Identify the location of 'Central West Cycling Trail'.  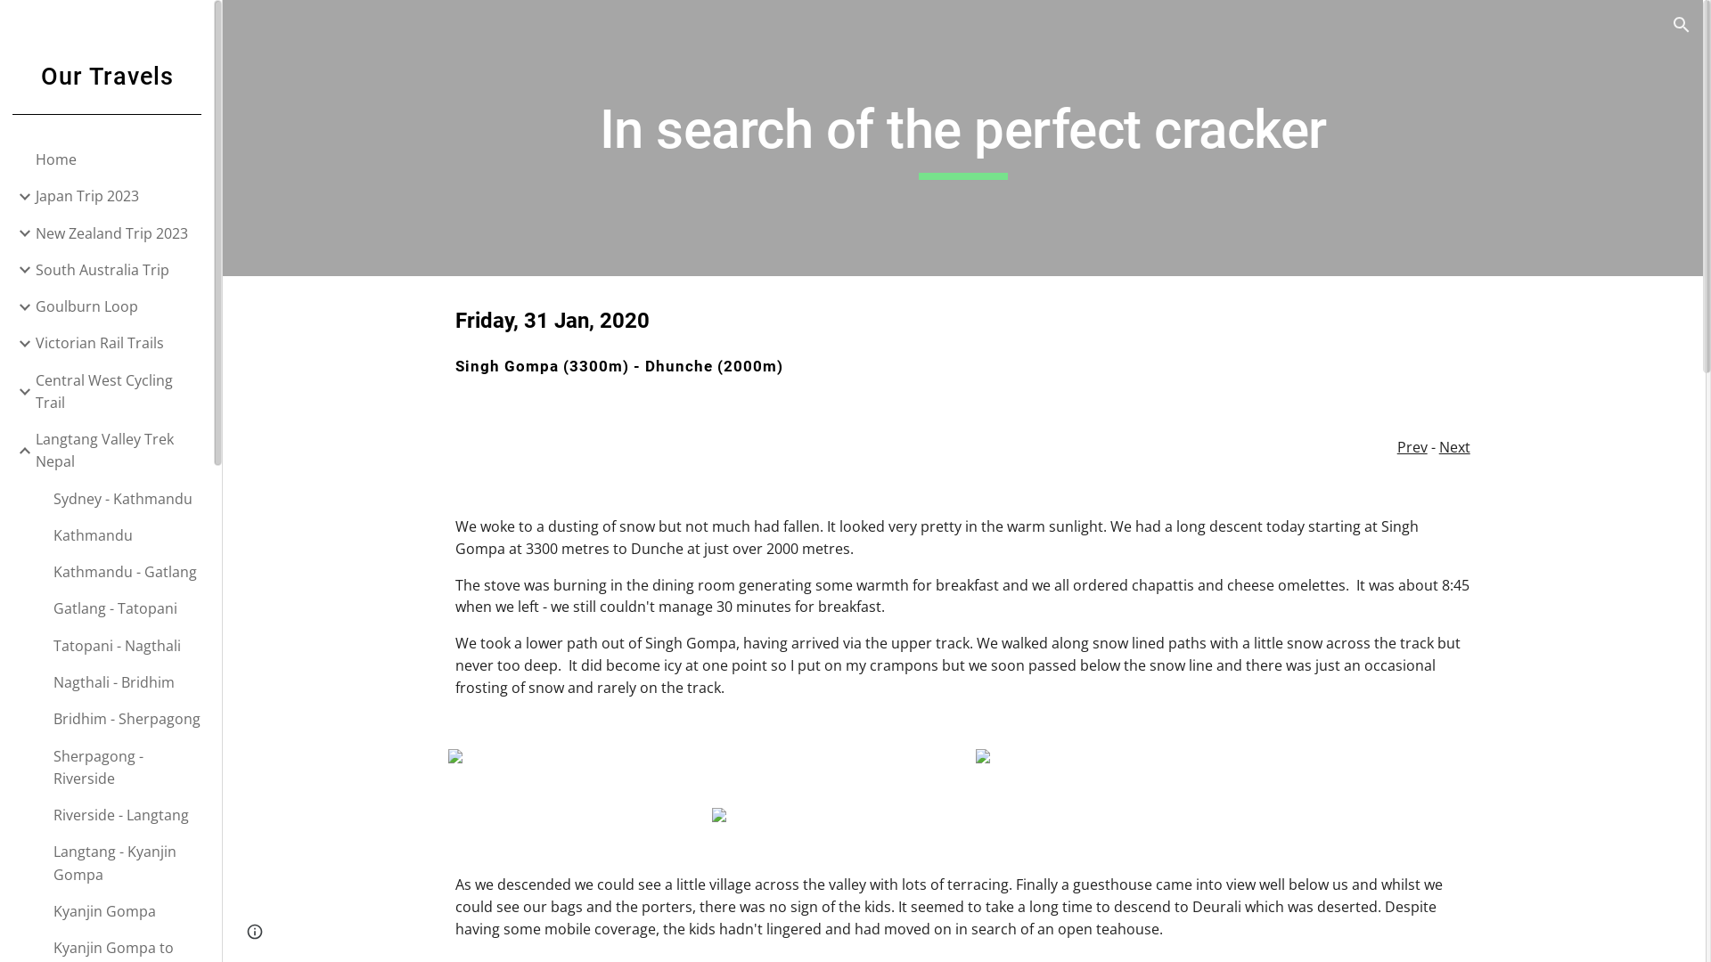
(116, 391).